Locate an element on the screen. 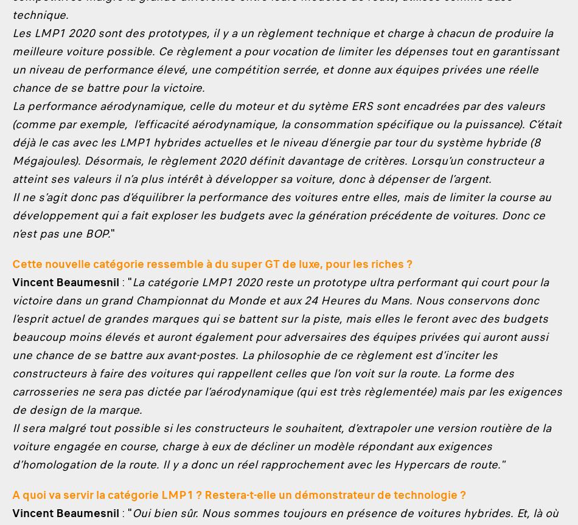  'A quoi va servir la catégorie LMP1 ? Restera-t-elle un démonstrateur de technologie ?' is located at coordinates (239, 494).